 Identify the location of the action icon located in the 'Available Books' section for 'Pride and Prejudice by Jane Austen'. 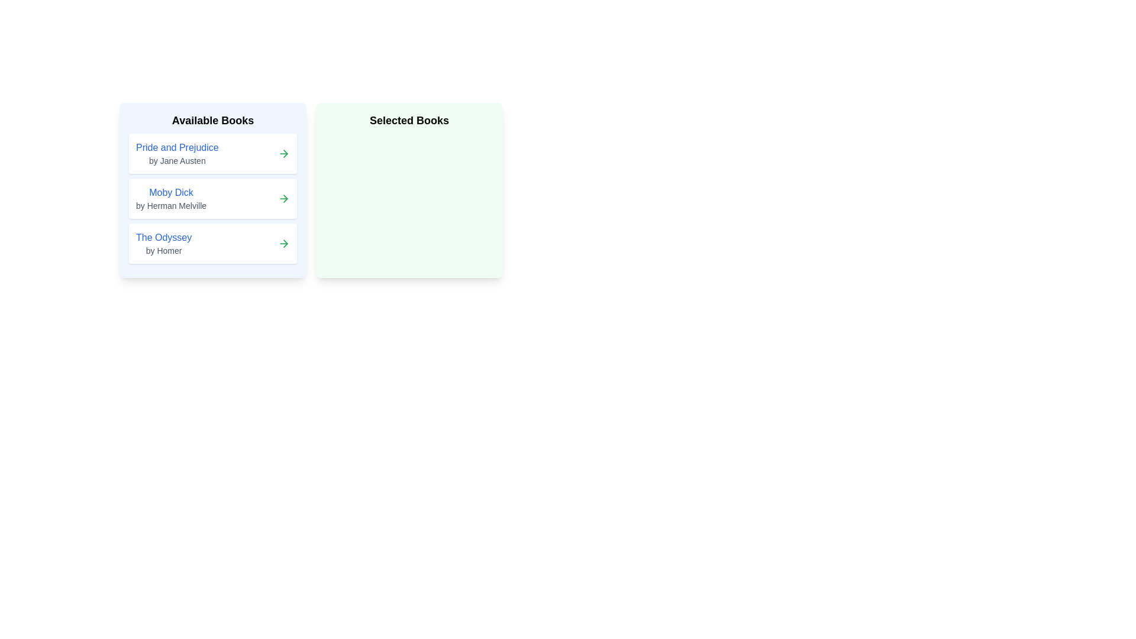
(285, 153).